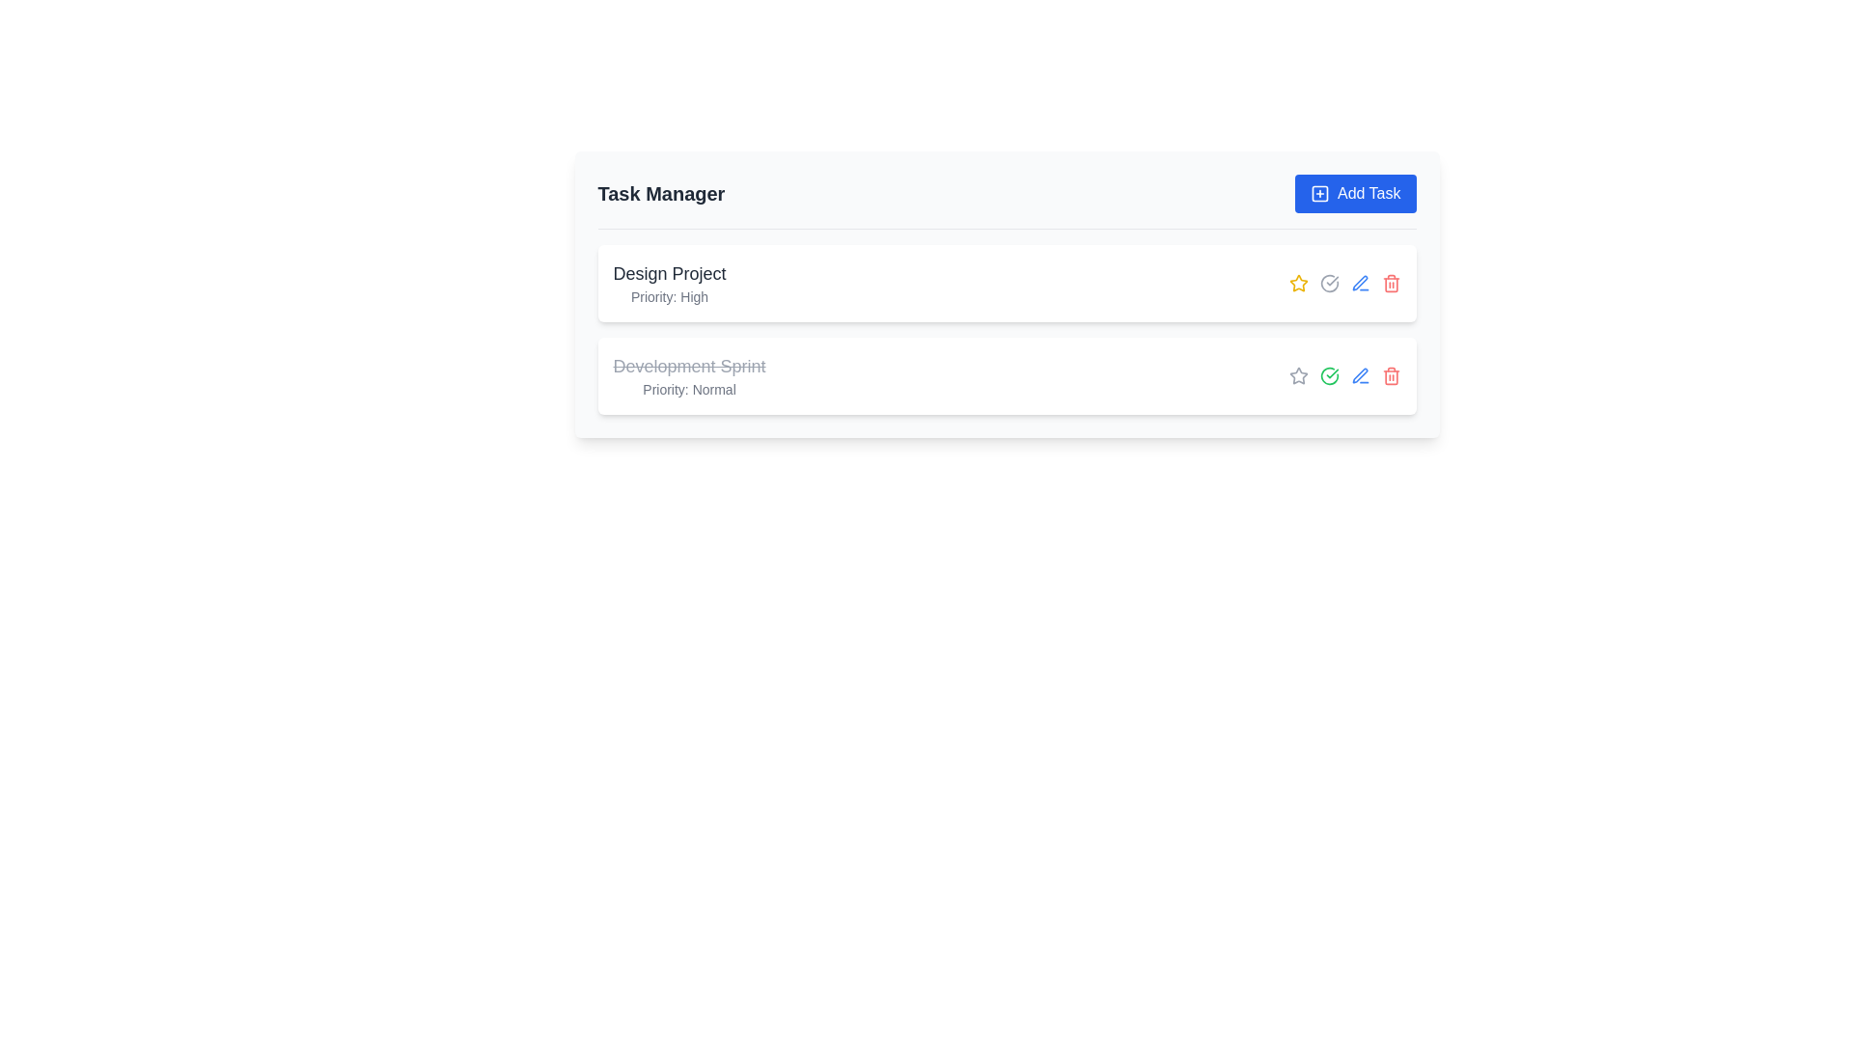 This screenshot has height=1042, width=1853. I want to click on the yellow outlined five-pointed star icon located to the left of the 'Design Project' row in the task list, so click(1298, 283).